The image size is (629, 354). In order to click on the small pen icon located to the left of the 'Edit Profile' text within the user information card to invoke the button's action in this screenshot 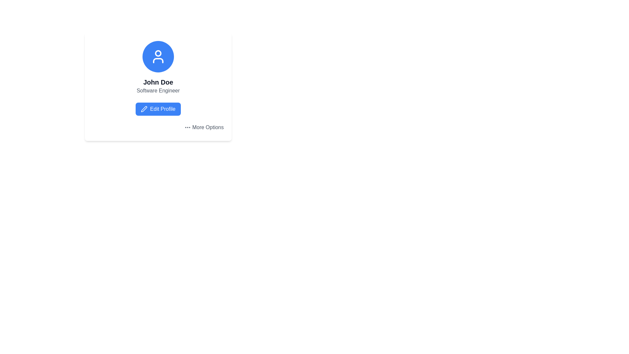, I will do `click(144, 108)`.